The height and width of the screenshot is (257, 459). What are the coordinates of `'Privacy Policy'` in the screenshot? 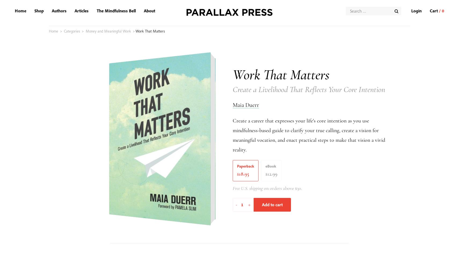 It's located at (52, 215).